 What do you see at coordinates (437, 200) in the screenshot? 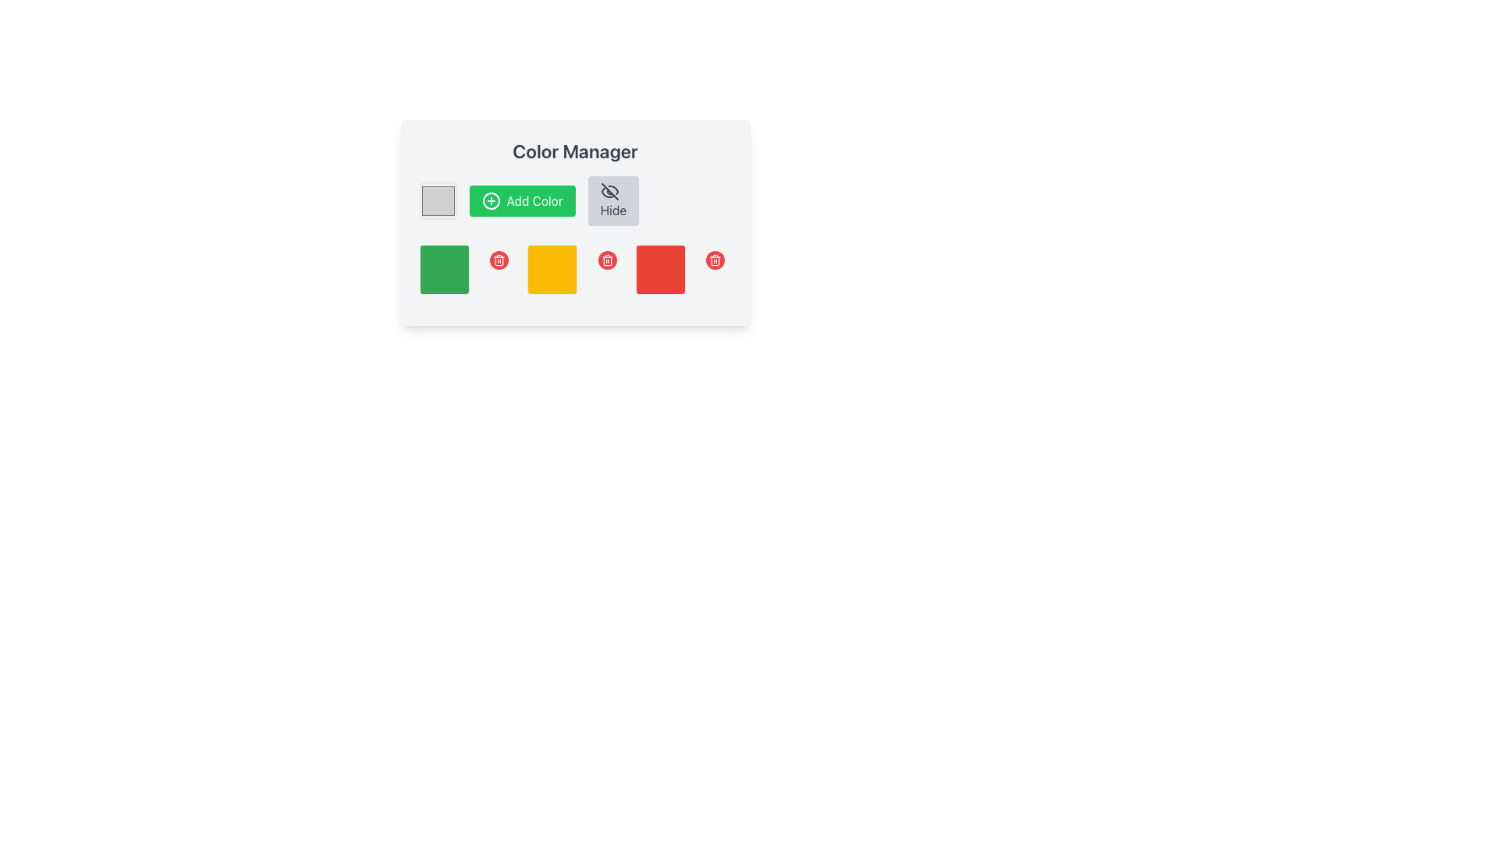
I see `the Interactive color input display, which represents the color '#D0D0D0', to interact with it` at bounding box center [437, 200].